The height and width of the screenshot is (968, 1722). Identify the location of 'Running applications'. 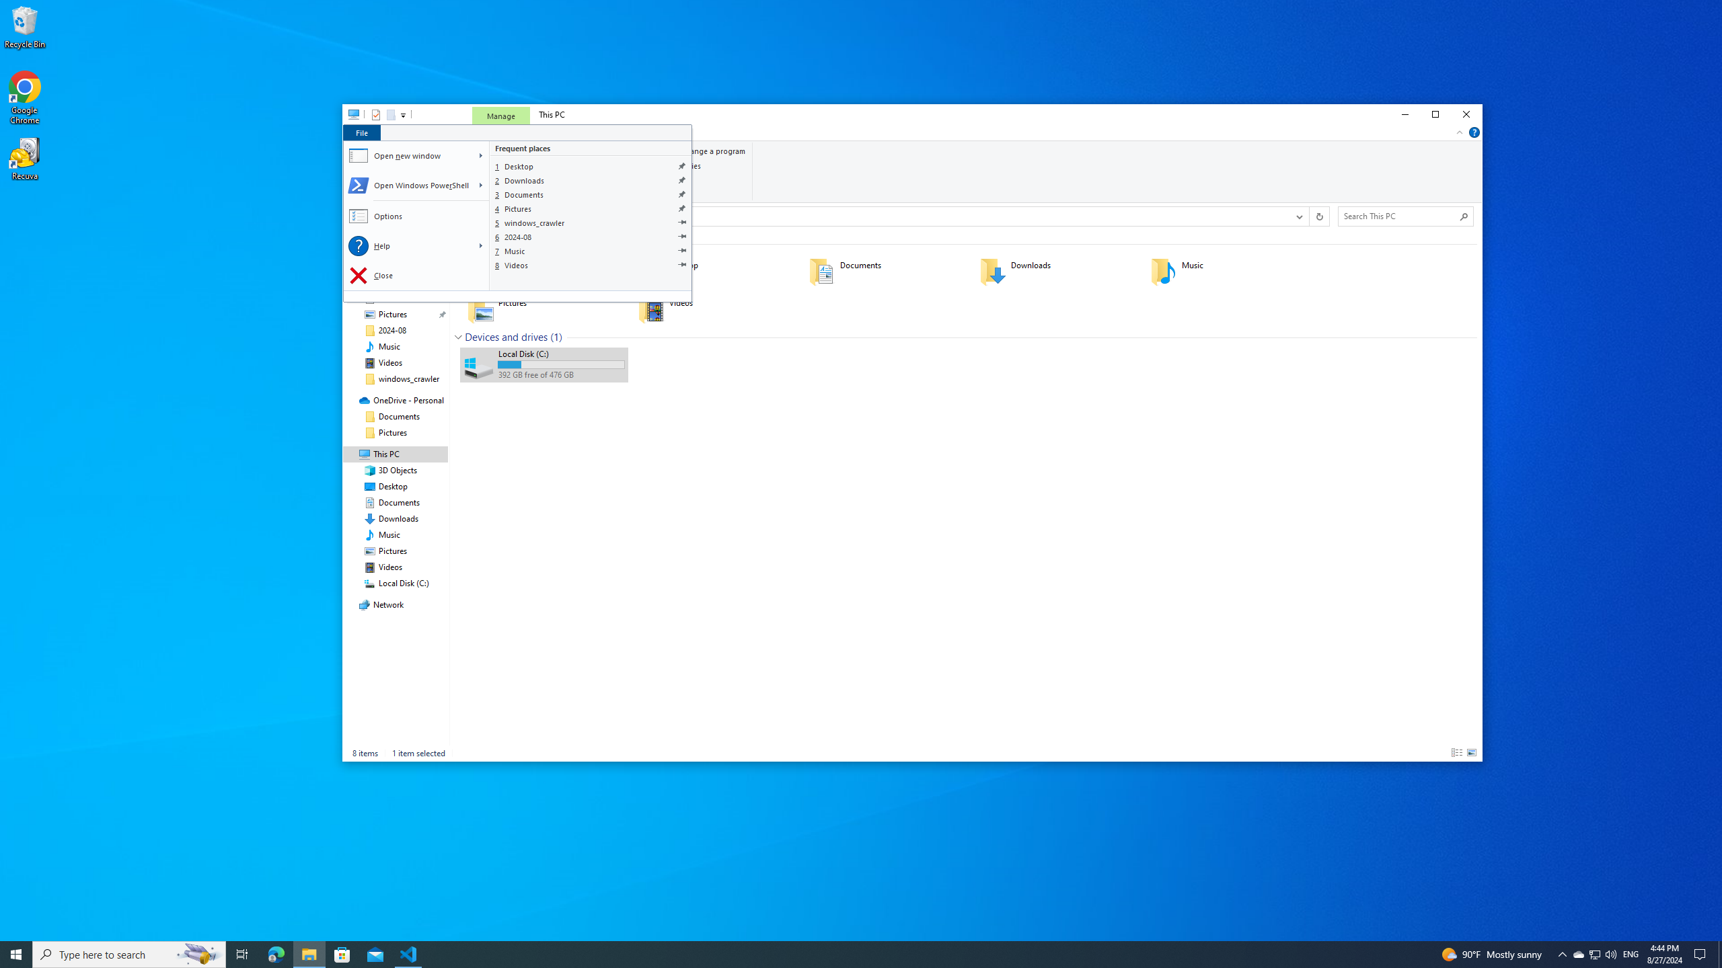
(835, 953).